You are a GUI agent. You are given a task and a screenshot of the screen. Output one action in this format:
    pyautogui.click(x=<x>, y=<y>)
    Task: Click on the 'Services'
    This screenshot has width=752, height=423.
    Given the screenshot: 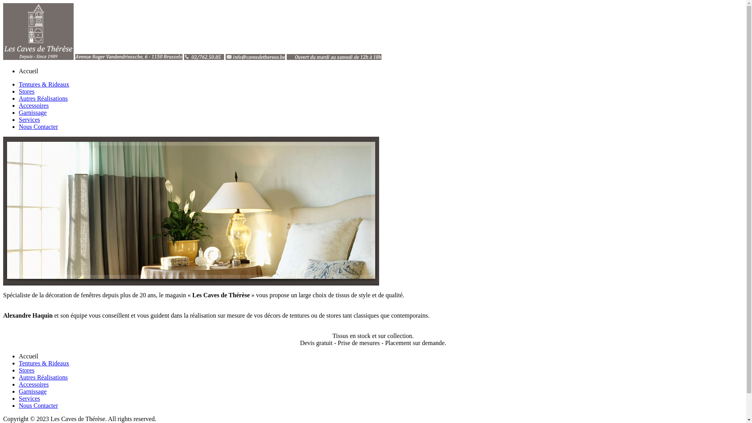 What is the action you would take?
    pyautogui.click(x=29, y=119)
    